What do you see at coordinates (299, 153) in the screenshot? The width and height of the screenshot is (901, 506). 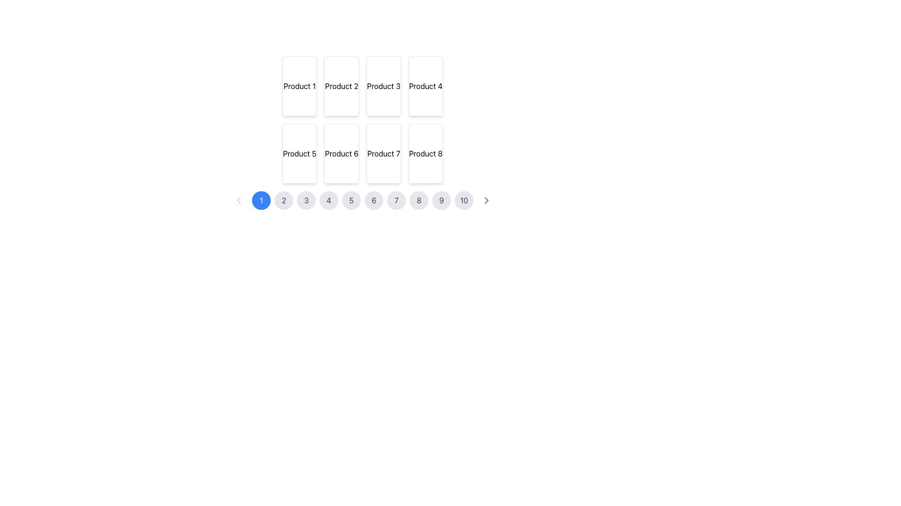 I see `the rectangular card labeled 'Product 5' with a white background and rounded borders, located in the second row, first column of the grid layout` at bounding box center [299, 153].